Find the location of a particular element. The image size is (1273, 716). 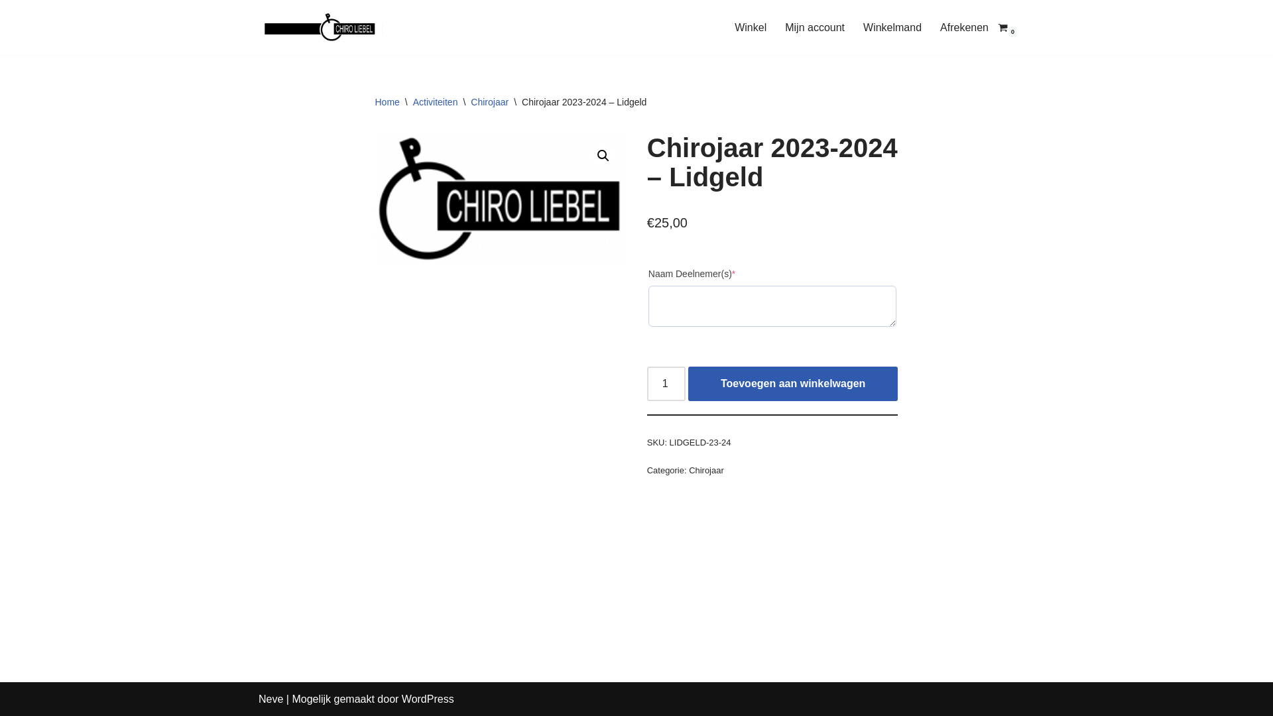

'Spring naar de inhoud' is located at coordinates (9, 28).